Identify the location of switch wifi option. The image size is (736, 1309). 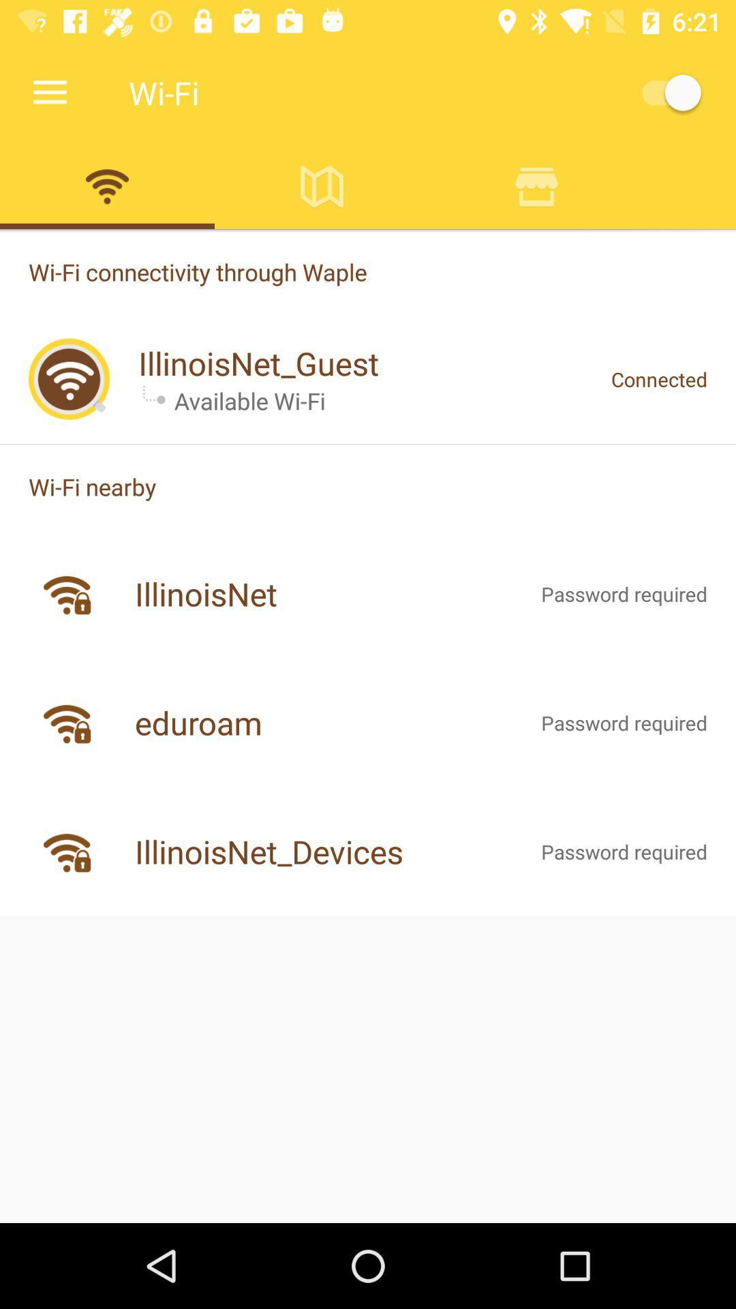
(106, 185).